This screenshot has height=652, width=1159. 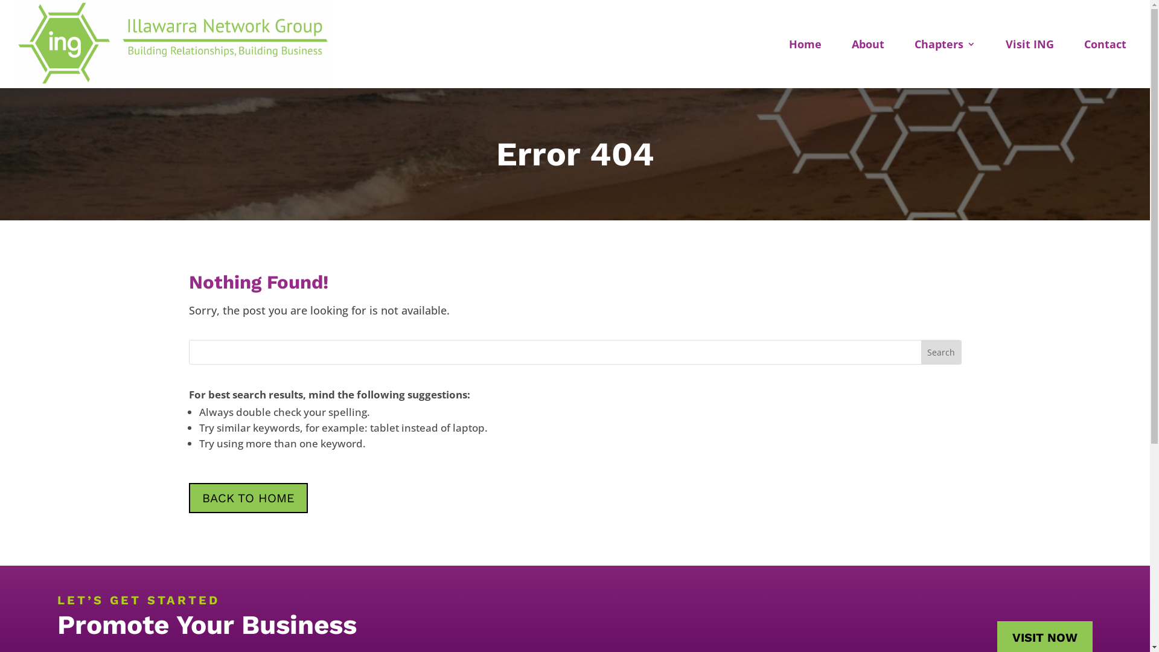 What do you see at coordinates (940, 352) in the screenshot?
I see `'Search'` at bounding box center [940, 352].